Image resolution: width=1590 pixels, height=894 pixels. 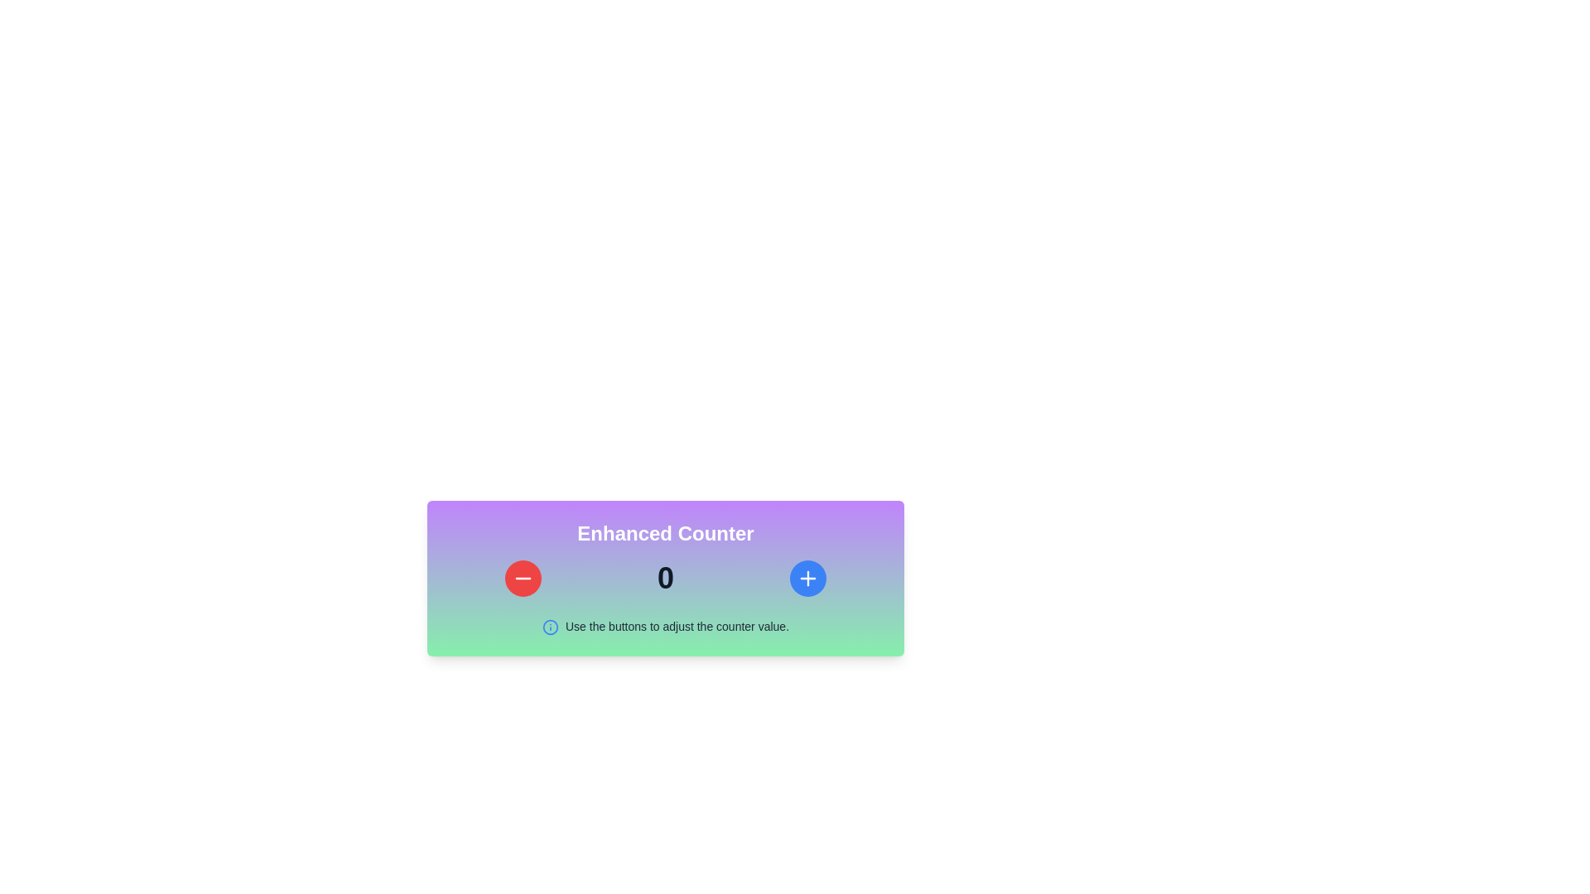 What do you see at coordinates (550, 627) in the screenshot?
I see `the circular SVG element that serves as an info icon, located at the bottom left of the enhanced counter component` at bounding box center [550, 627].